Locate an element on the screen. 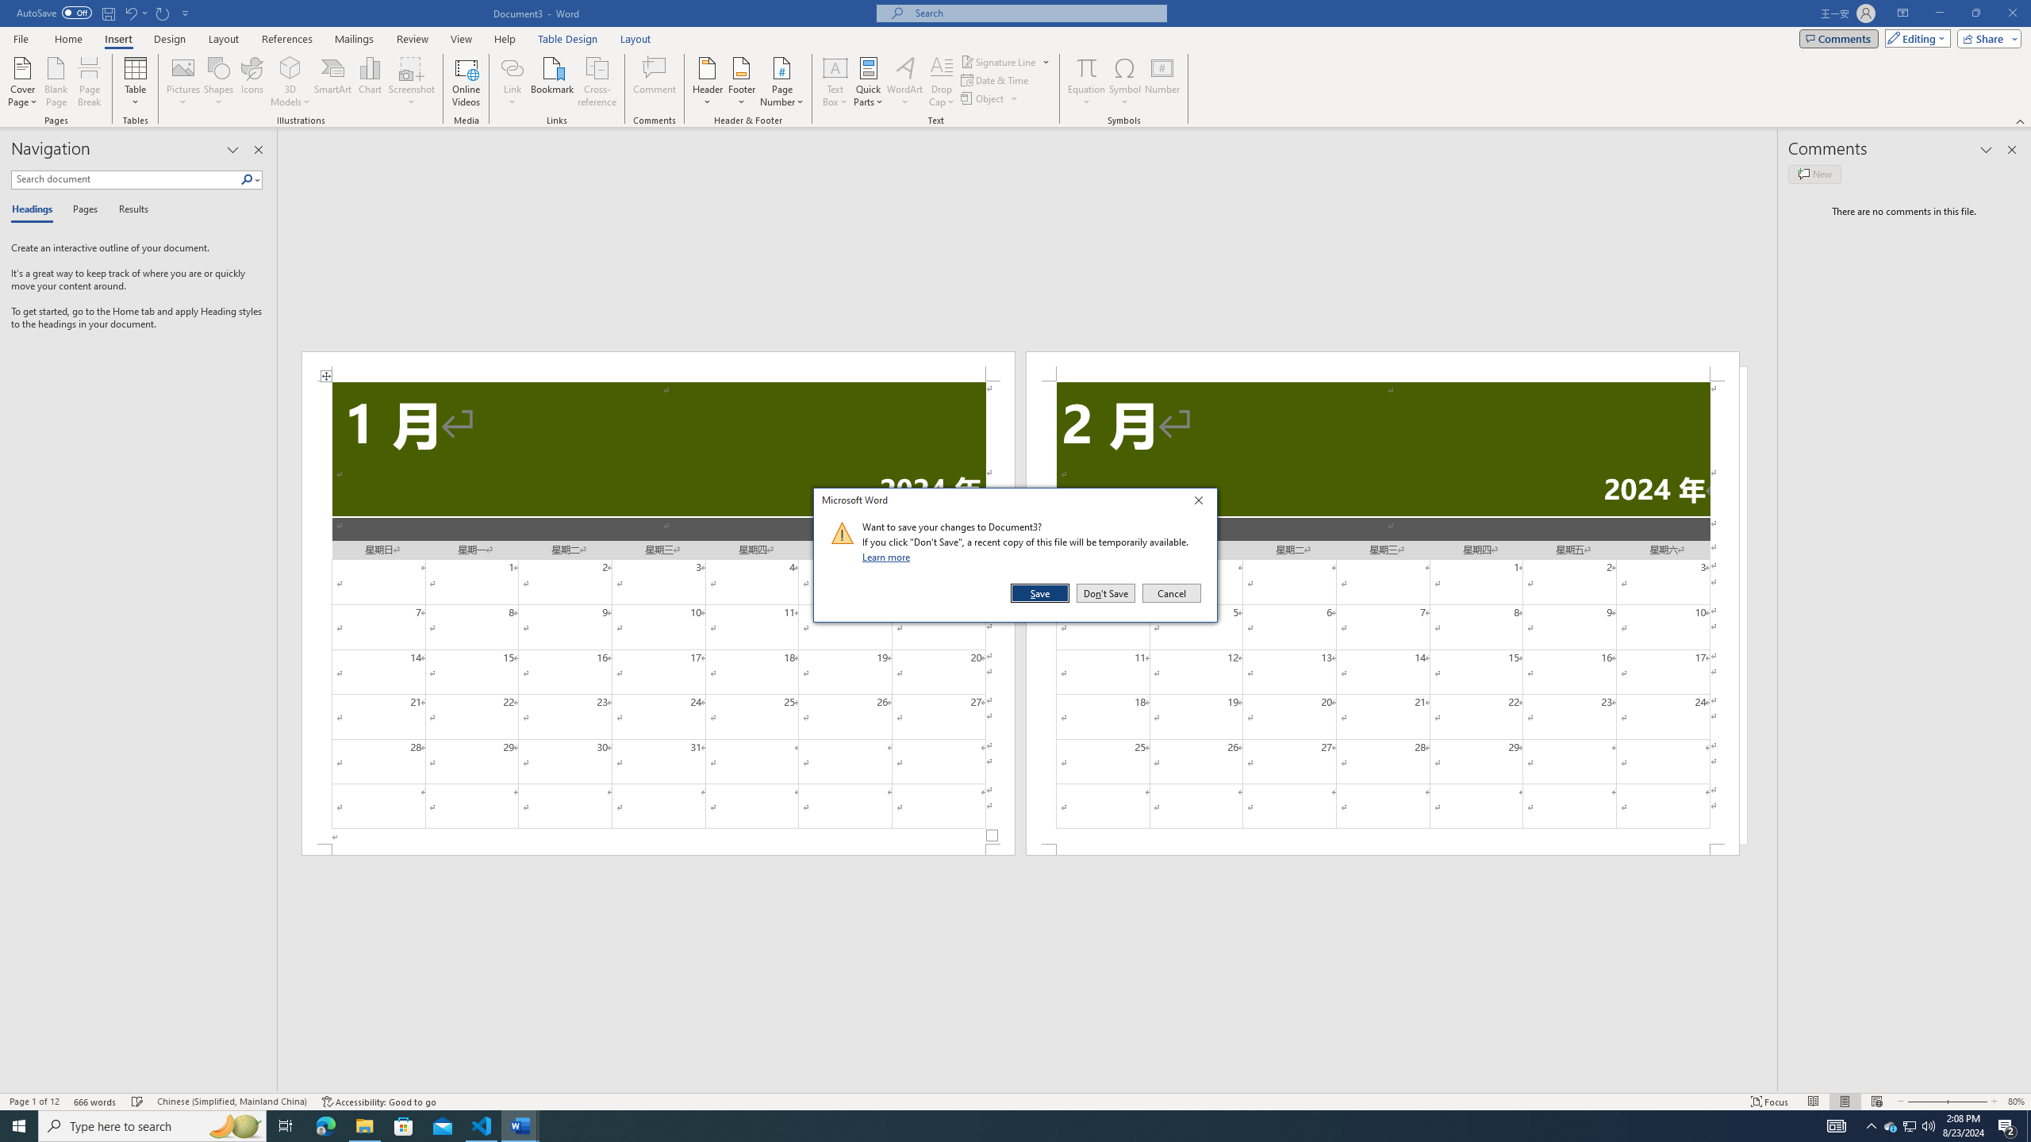 The height and width of the screenshot is (1142, 2031). 'Equation' is located at coordinates (1086, 82).